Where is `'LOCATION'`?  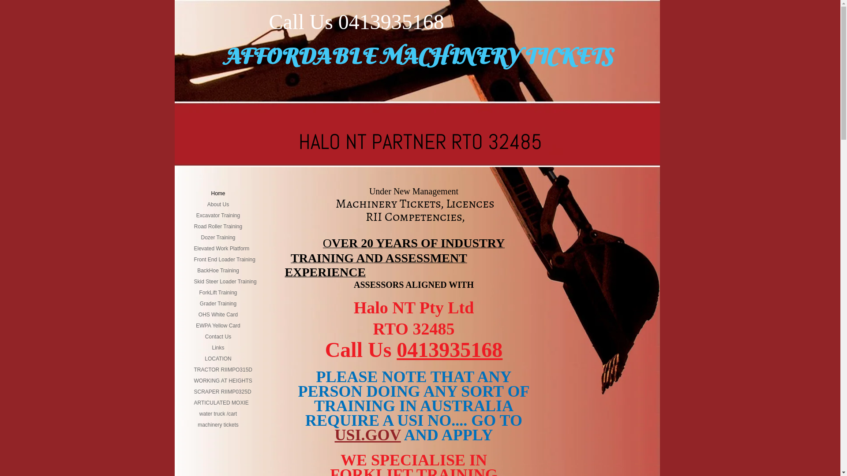
'LOCATION' is located at coordinates (200, 358).